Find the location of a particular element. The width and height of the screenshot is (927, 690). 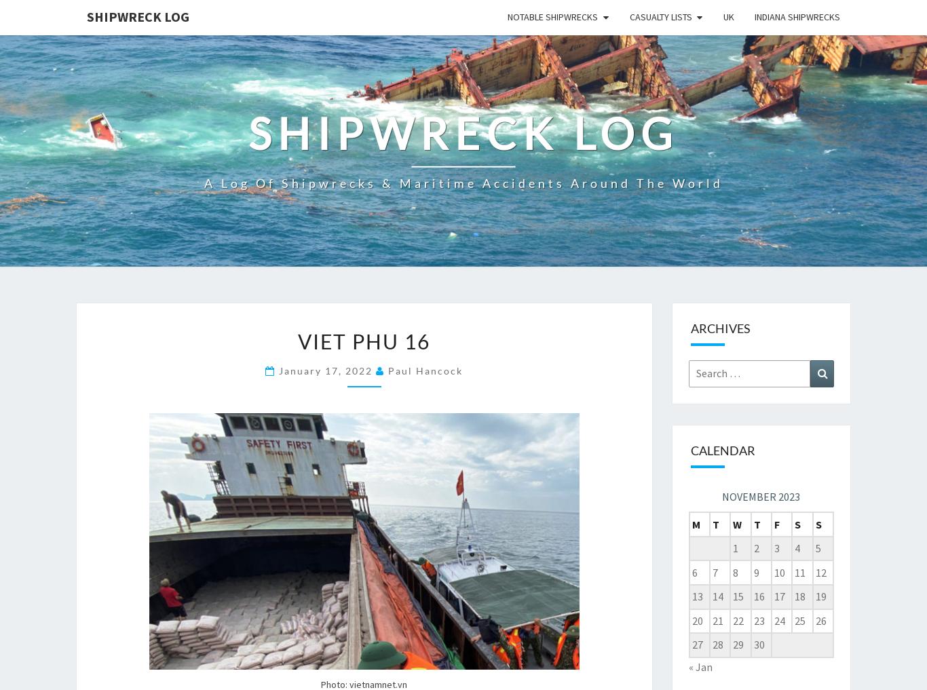

'15' is located at coordinates (738, 596).